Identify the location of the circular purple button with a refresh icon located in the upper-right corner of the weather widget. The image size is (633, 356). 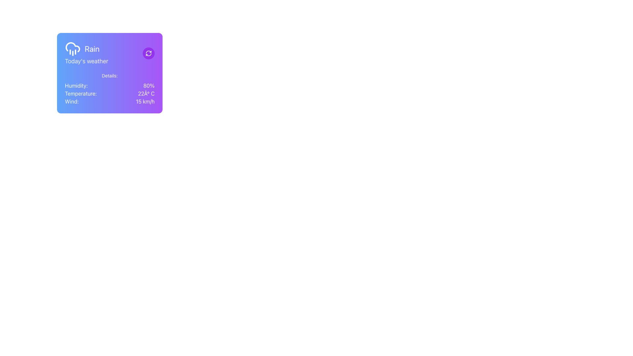
(148, 53).